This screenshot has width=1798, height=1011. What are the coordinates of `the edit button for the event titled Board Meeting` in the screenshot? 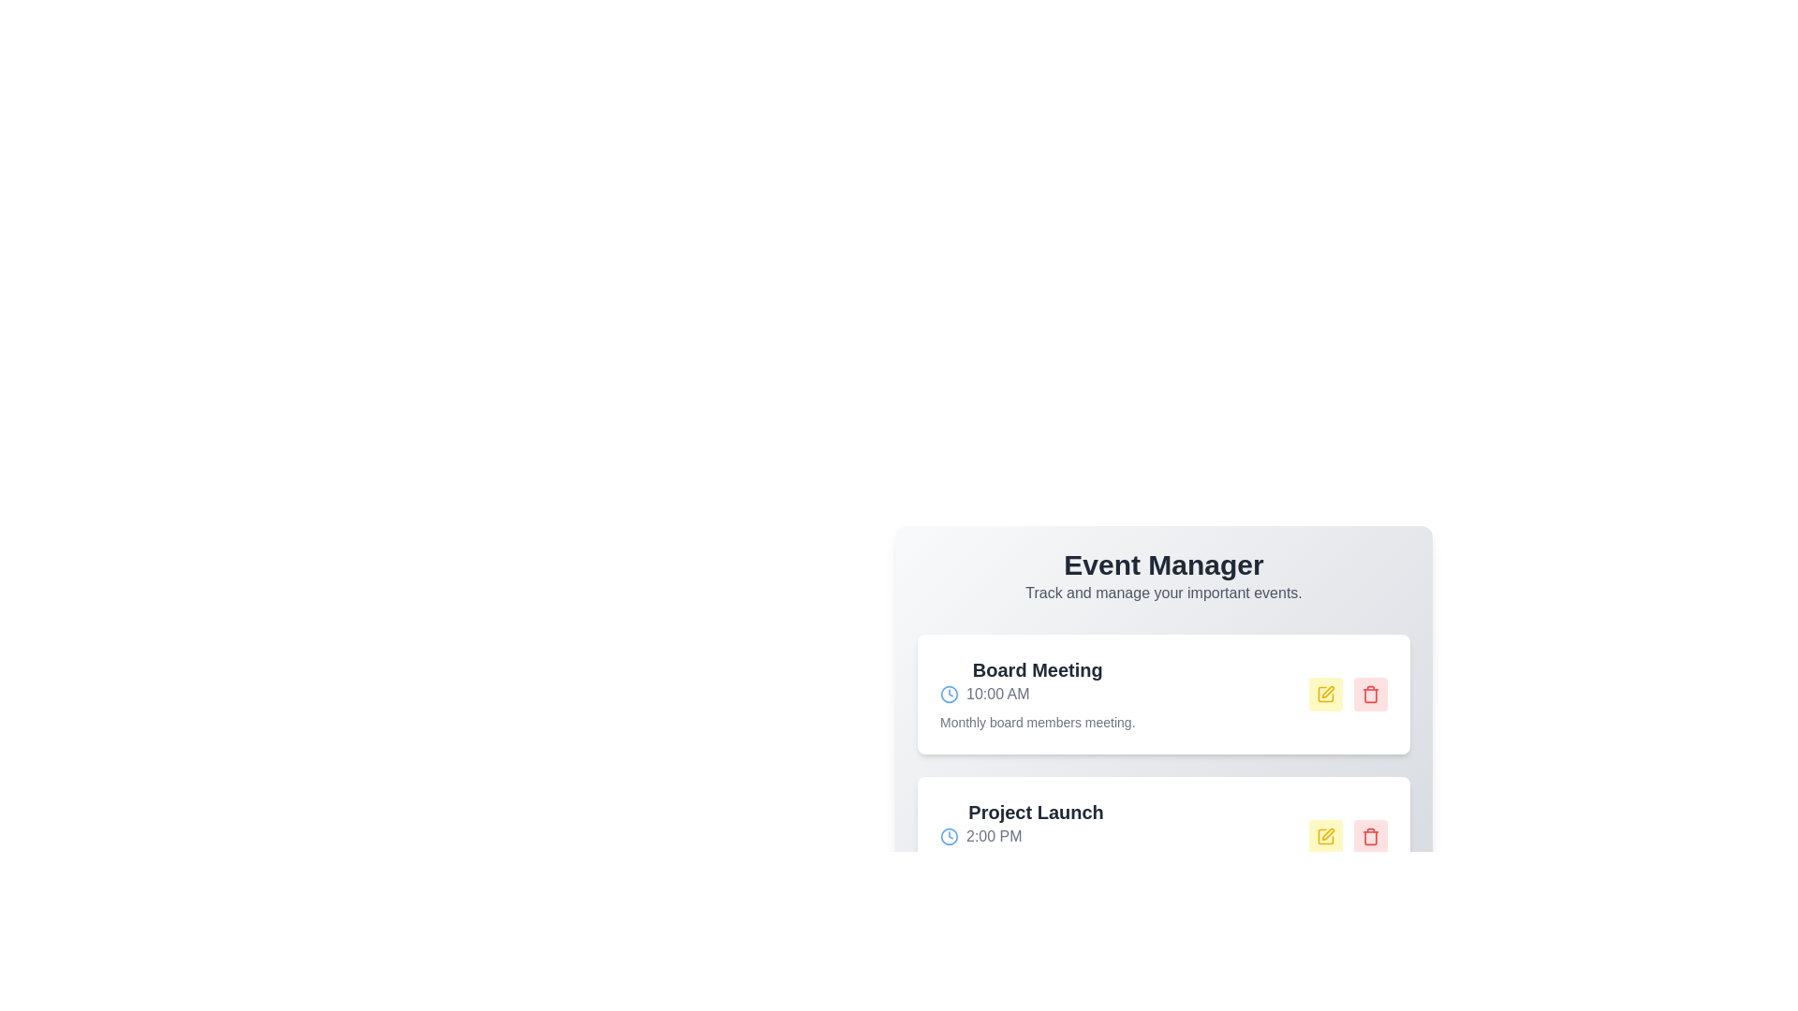 It's located at (1325, 694).